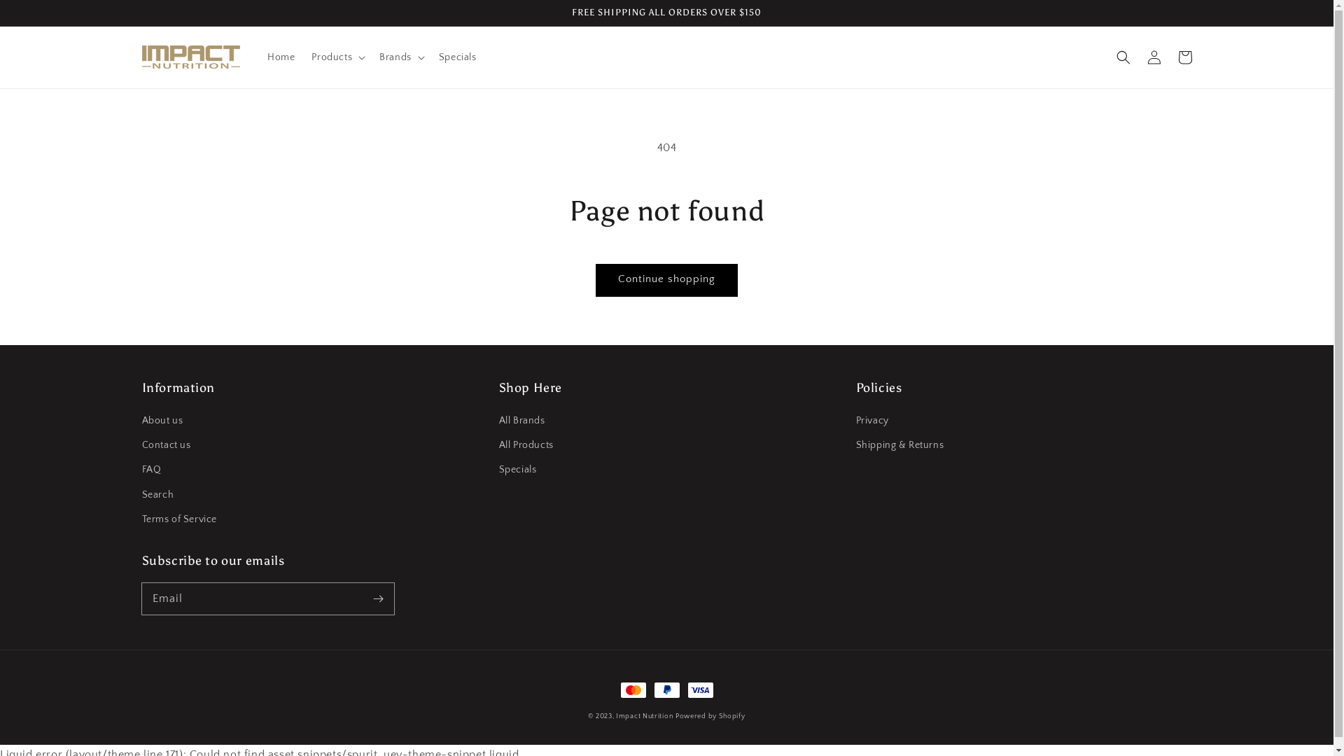 The width and height of the screenshot is (1344, 756). I want to click on 'FAQ', so click(151, 470).